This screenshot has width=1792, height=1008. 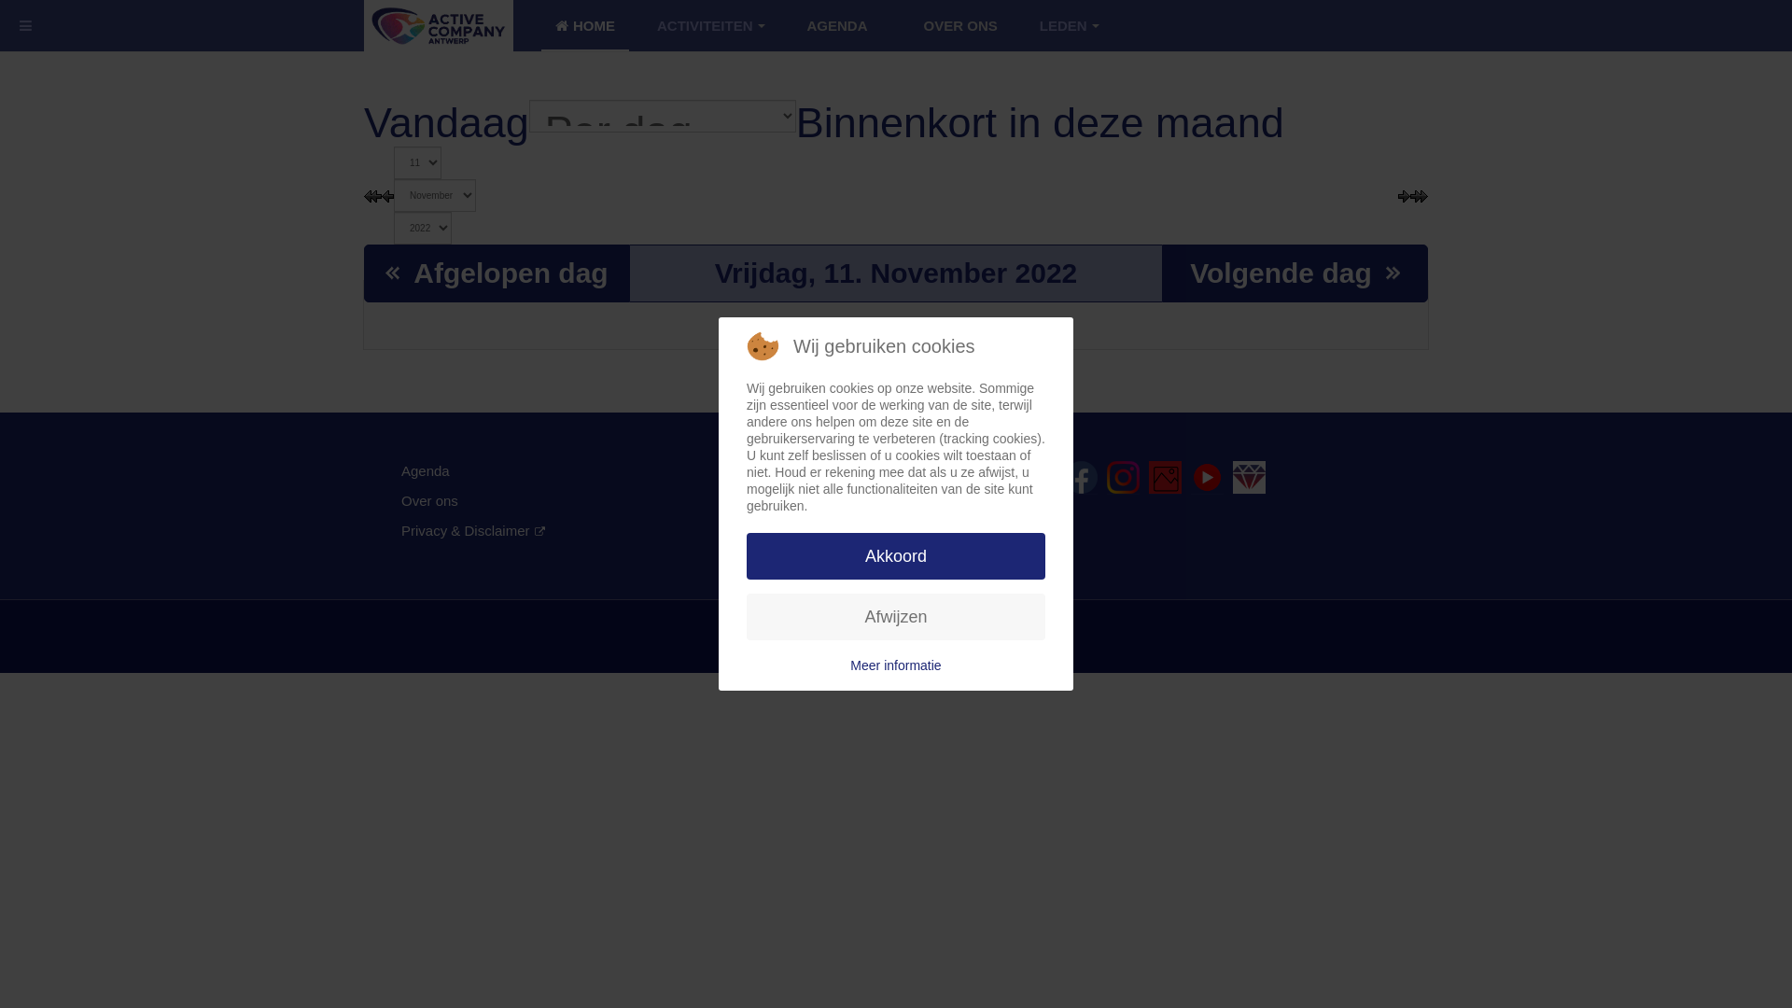 I want to click on 'Privacy & Disclaimer', so click(x=473, y=530).